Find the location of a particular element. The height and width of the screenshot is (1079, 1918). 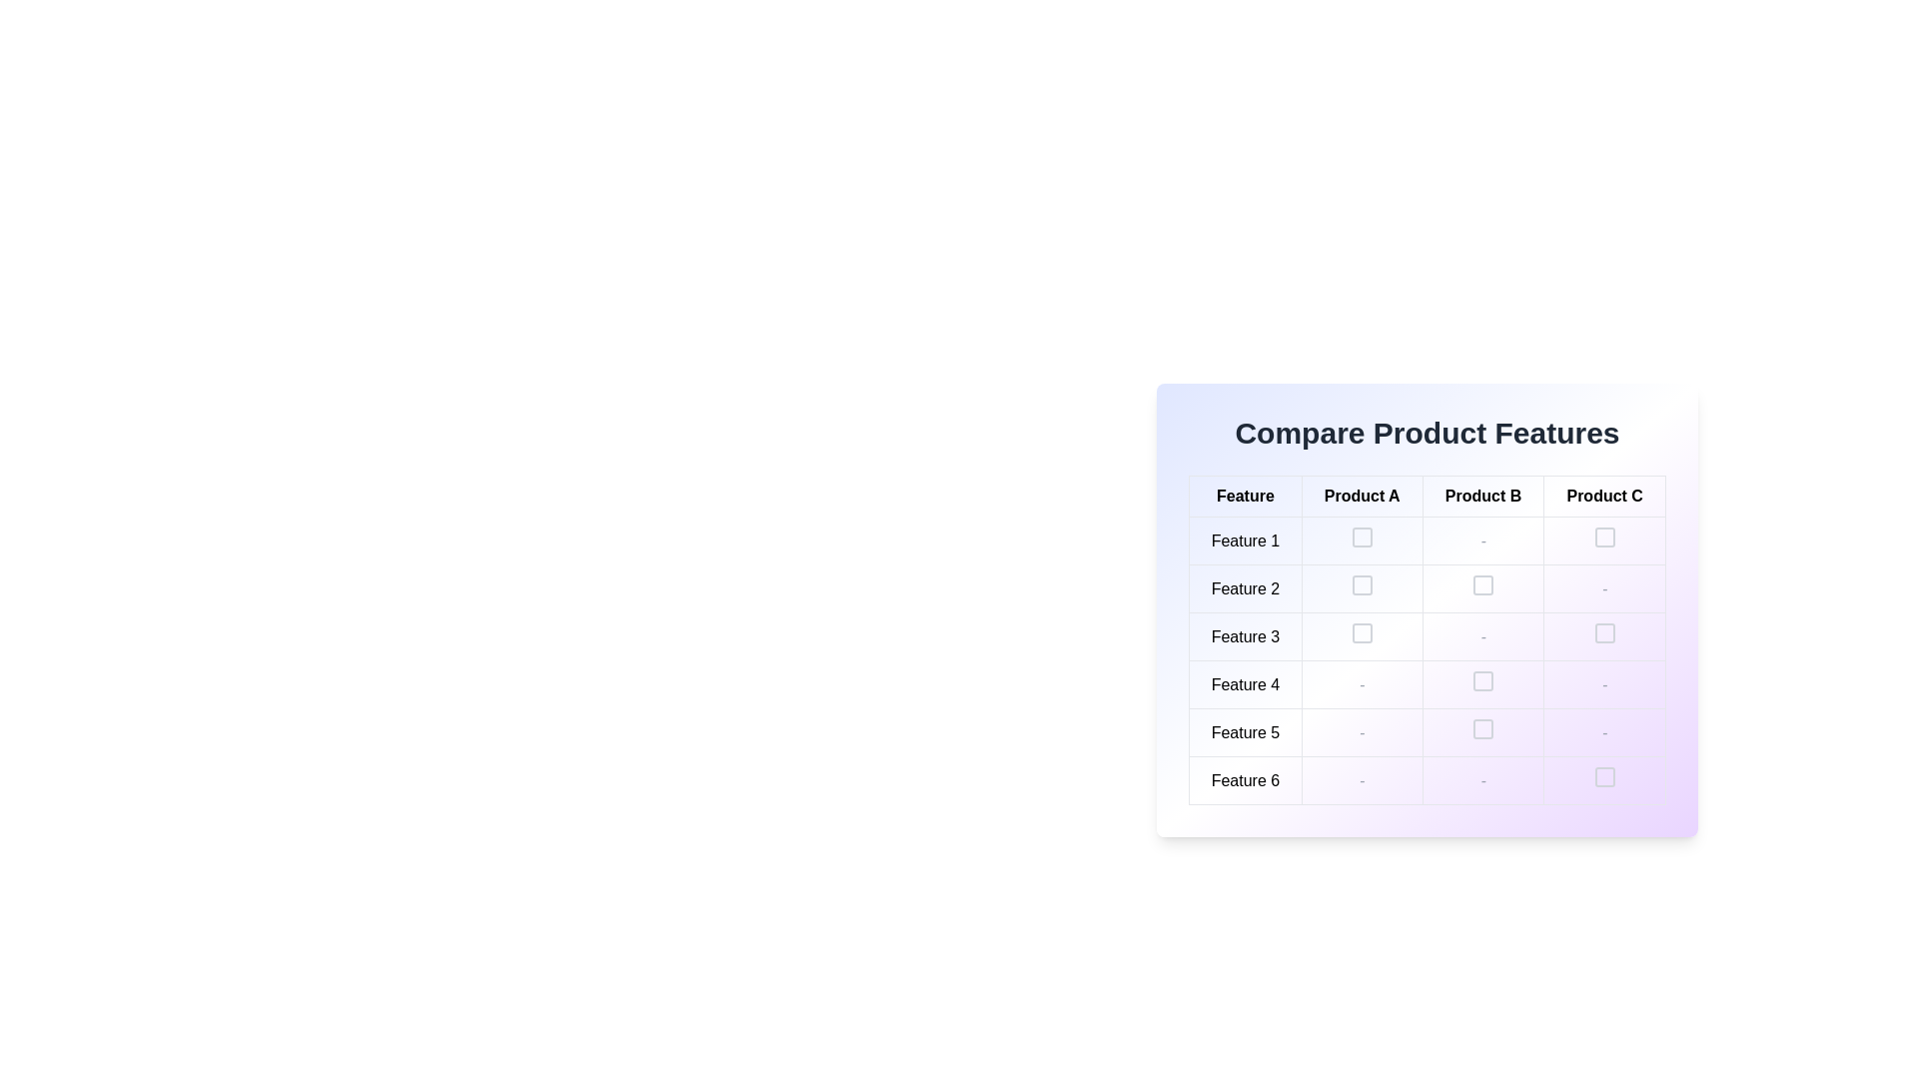

the visual indicator in the 'Product B' column for the 'Feature 2' row is located at coordinates (1427, 587).